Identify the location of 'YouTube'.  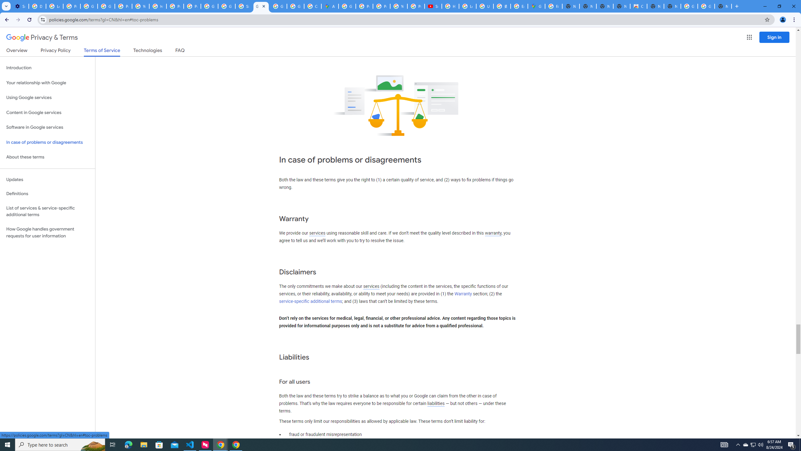
(398, 6).